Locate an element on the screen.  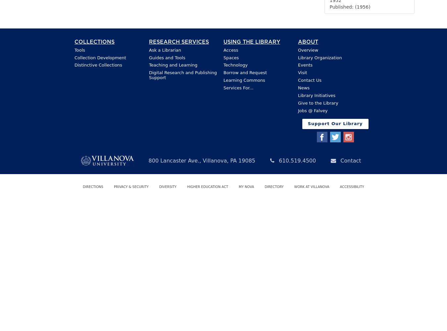
'News' is located at coordinates (303, 88).